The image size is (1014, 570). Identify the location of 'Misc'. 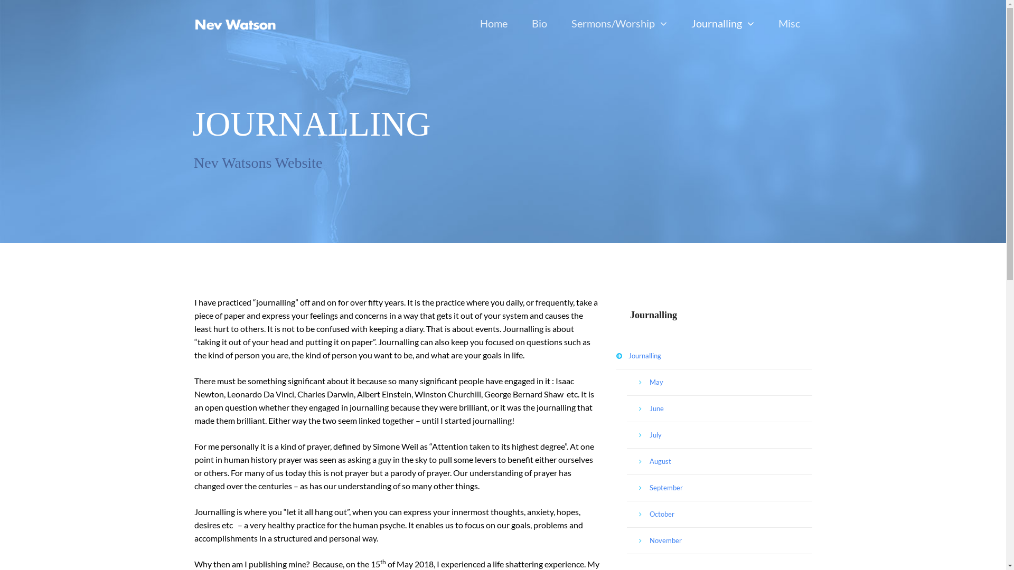
(788, 24).